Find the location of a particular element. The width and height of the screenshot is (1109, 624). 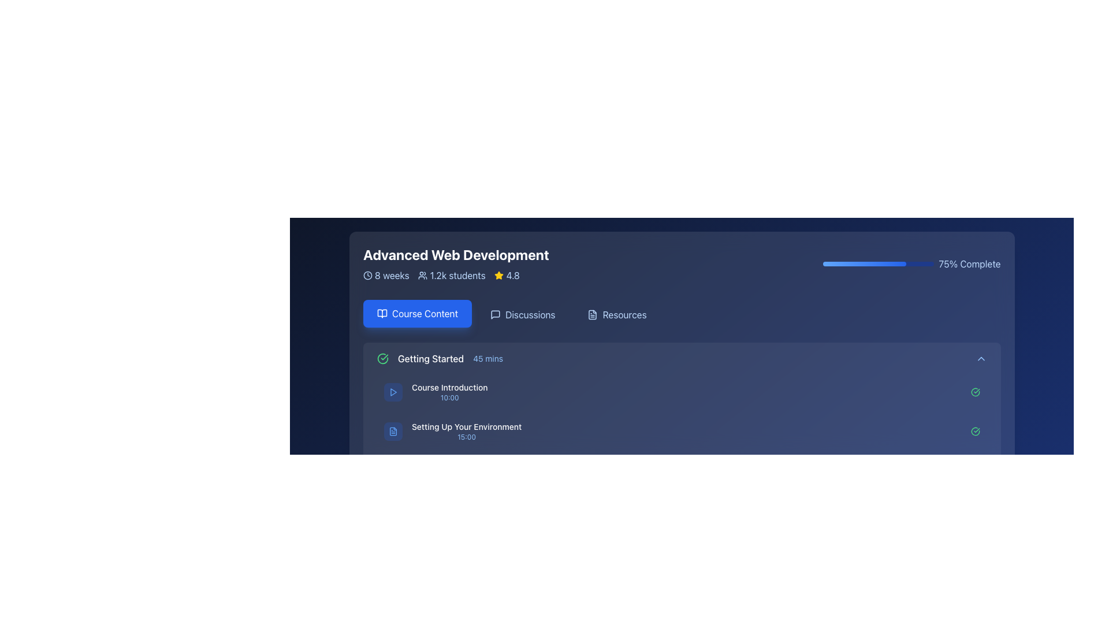

the speech bubble icon located in the top navigation bar, to the right of the 'Course Content' button and near the 'Discussions' tab is located at coordinates (495, 314).